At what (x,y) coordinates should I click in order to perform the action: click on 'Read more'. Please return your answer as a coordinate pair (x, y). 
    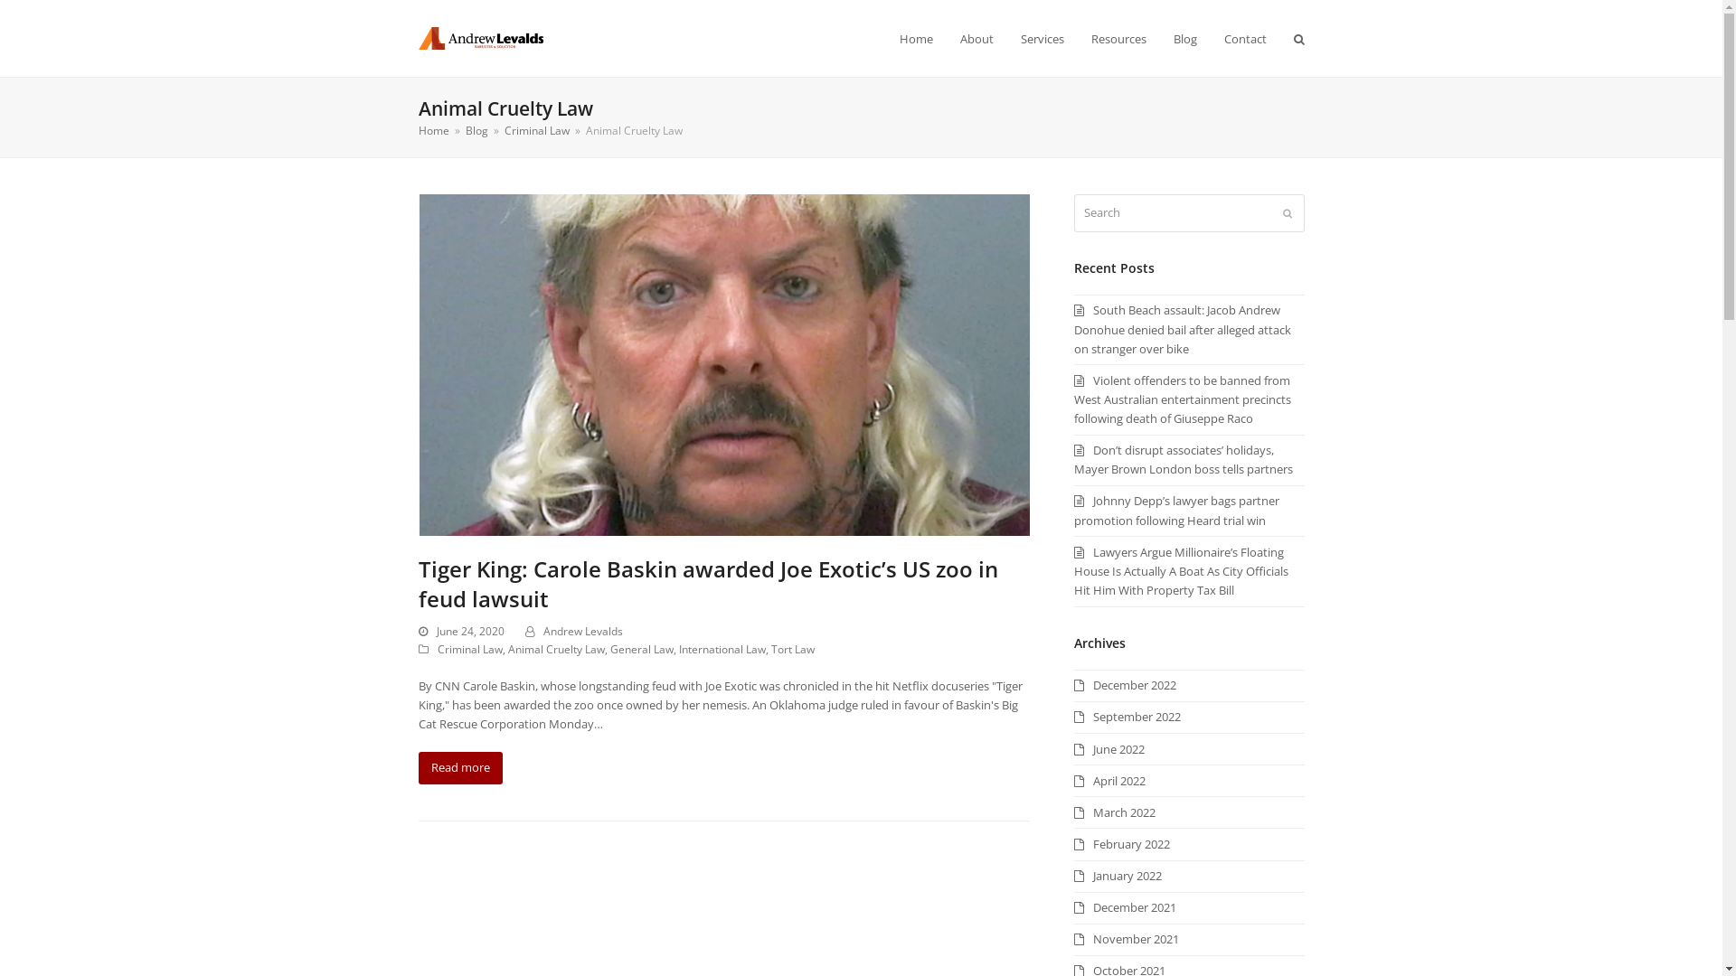
    Looking at the image, I should click on (416, 767).